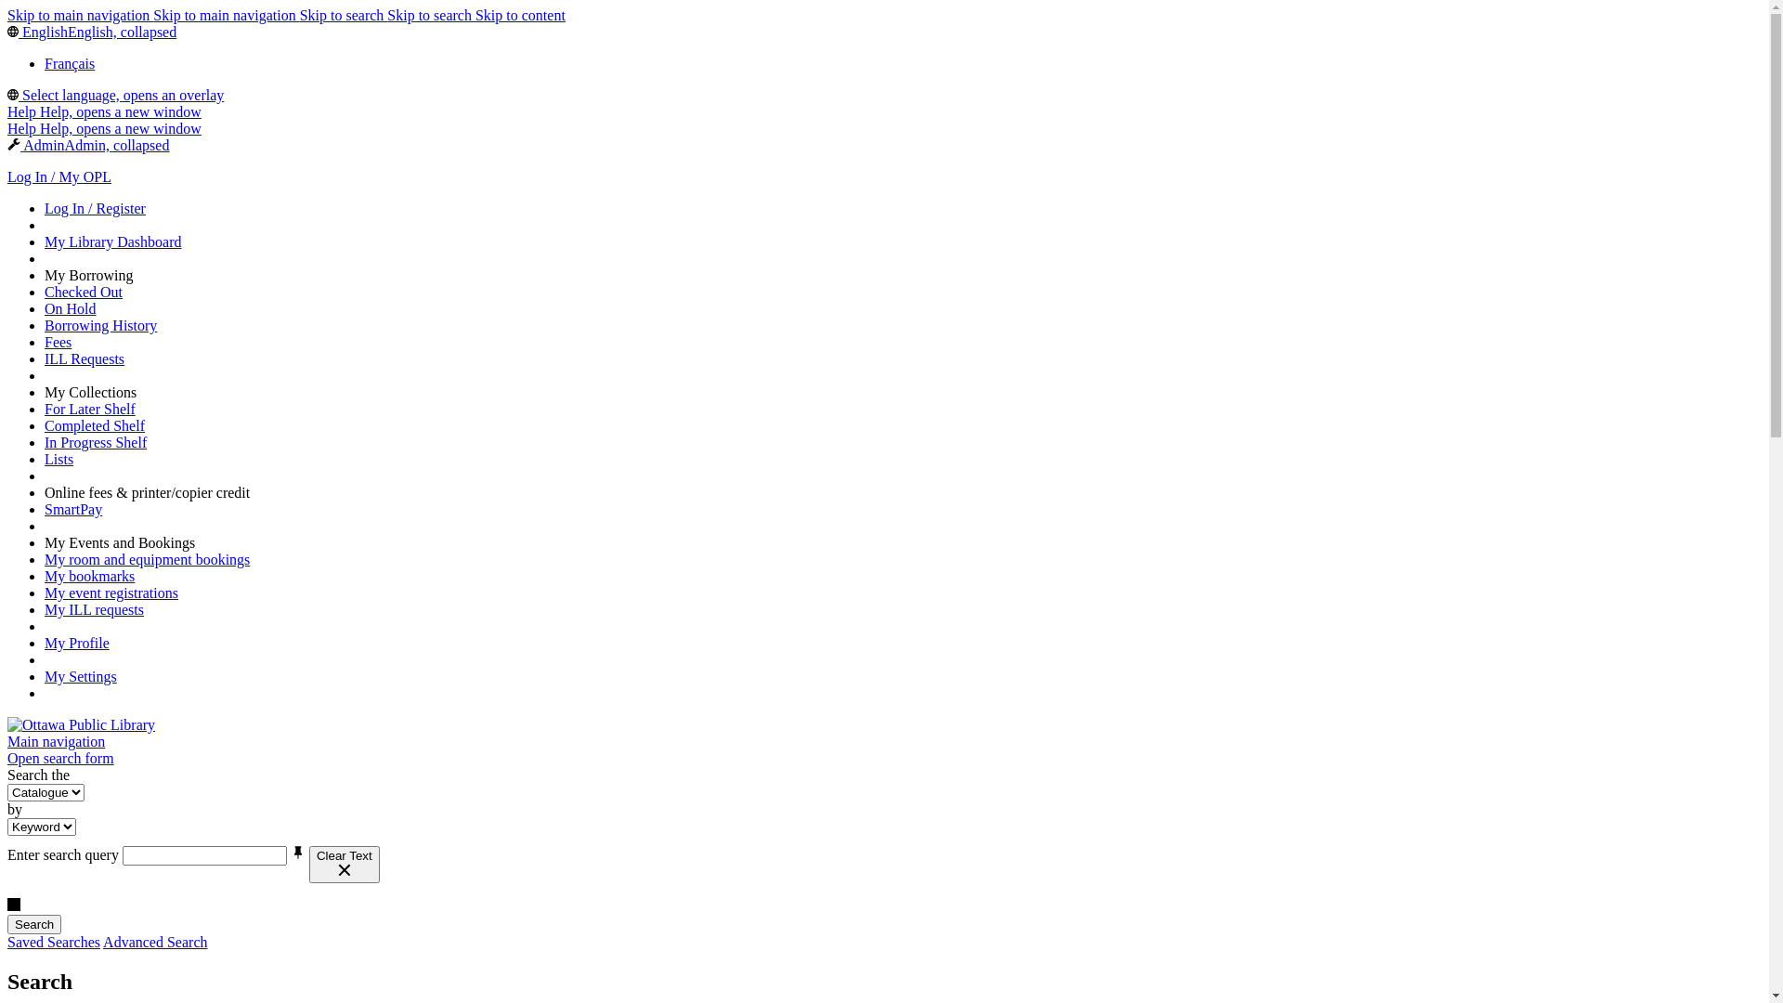 This screenshot has height=1003, width=1783. Describe the element at coordinates (114, 95) in the screenshot. I see `'Select language, opens an overlay'` at that location.